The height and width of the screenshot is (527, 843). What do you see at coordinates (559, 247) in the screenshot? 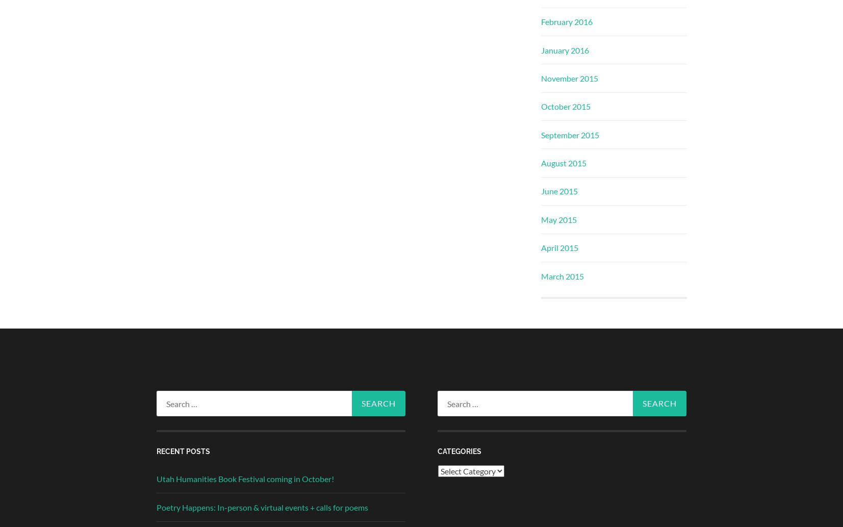
I see `'April 2015'` at bounding box center [559, 247].